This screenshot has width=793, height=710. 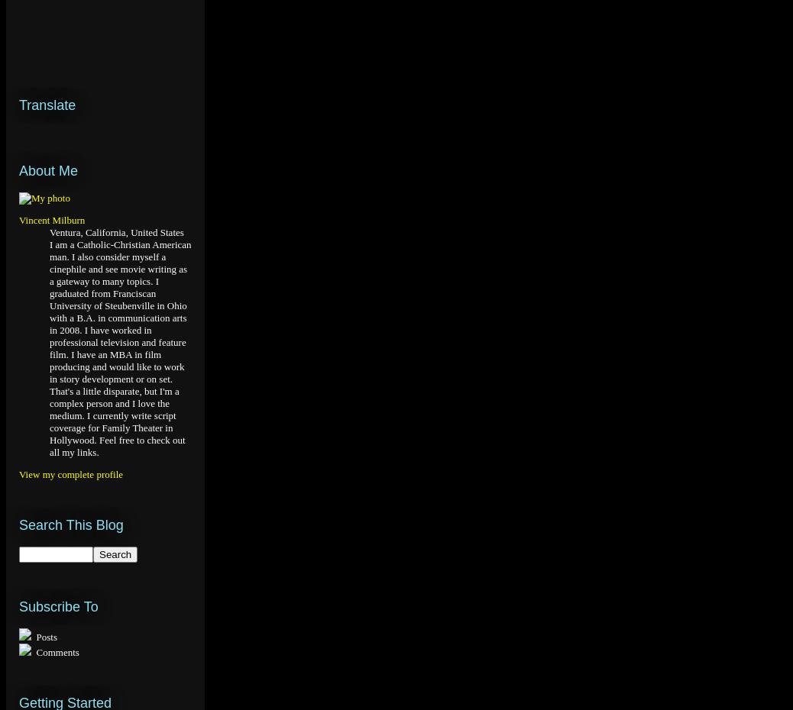 What do you see at coordinates (47, 170) in the screenshot?
I see `'About Me'` at bounding box center [47, 170].